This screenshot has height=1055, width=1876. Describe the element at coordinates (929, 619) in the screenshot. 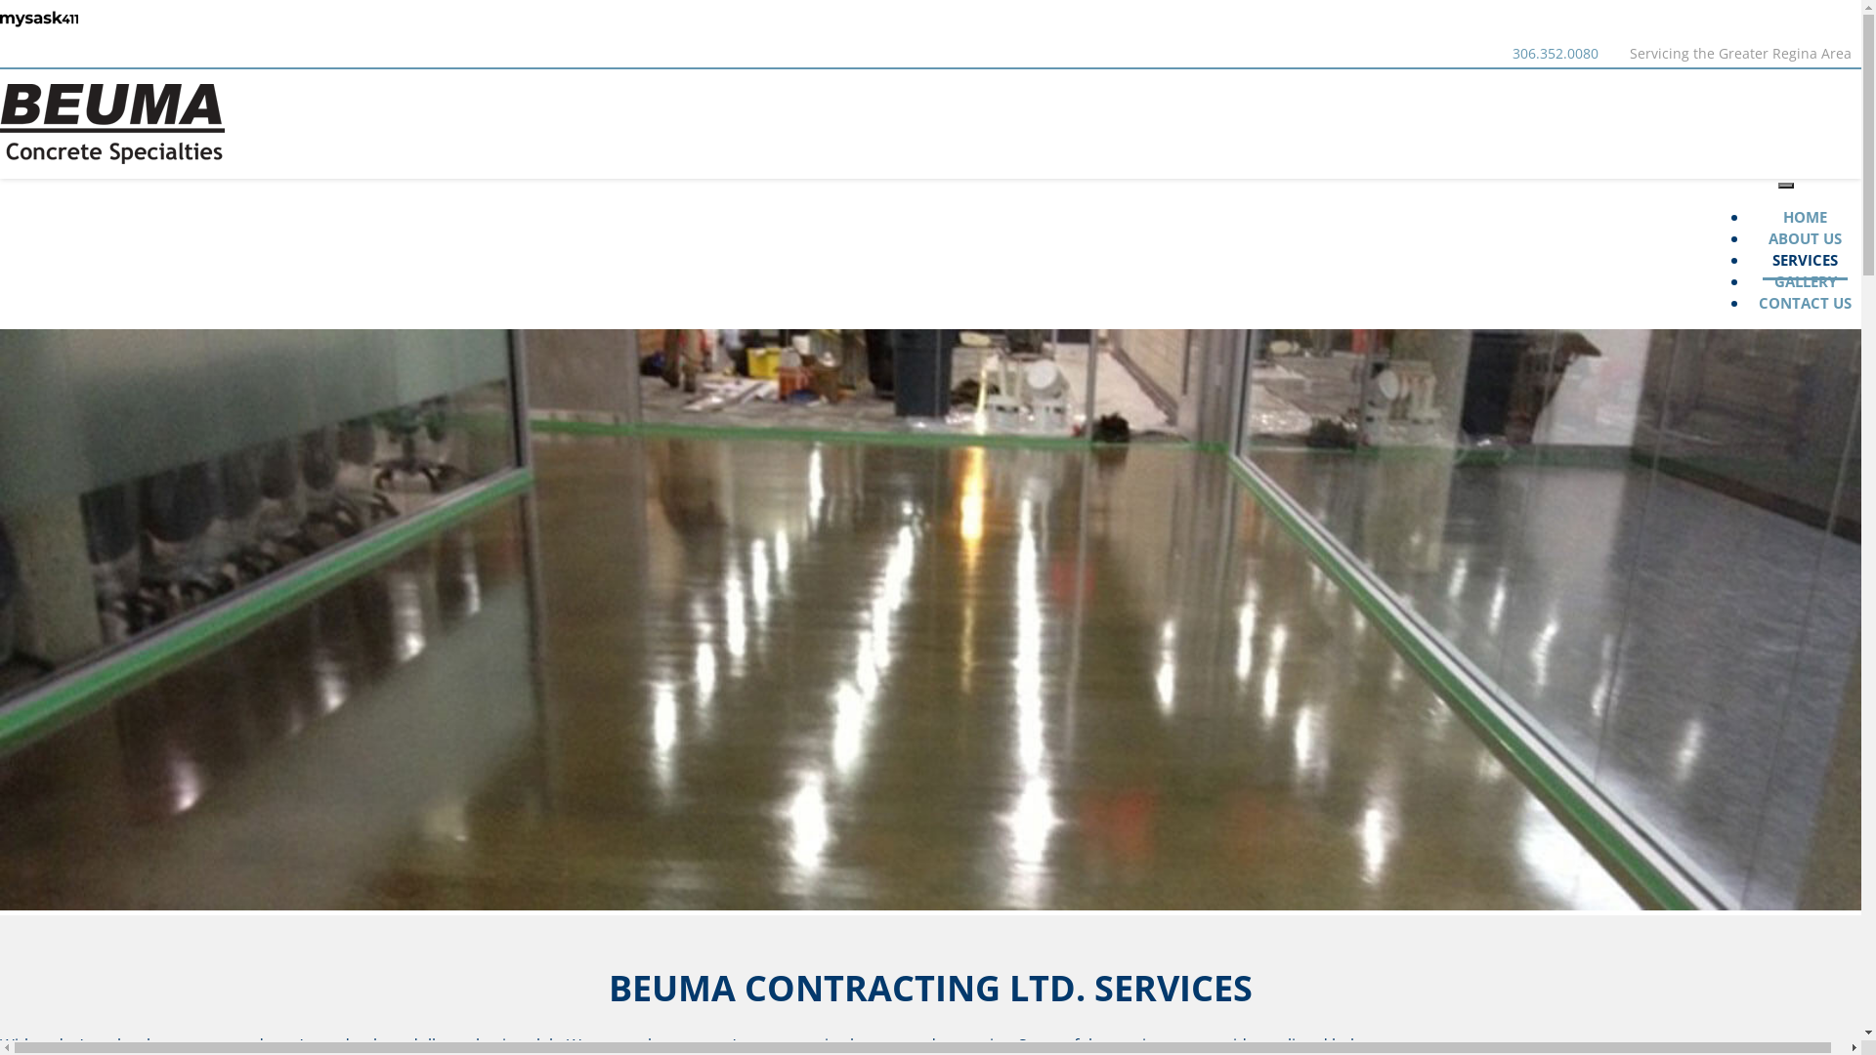

I see `'Polished Concrete Floor'` at that location.